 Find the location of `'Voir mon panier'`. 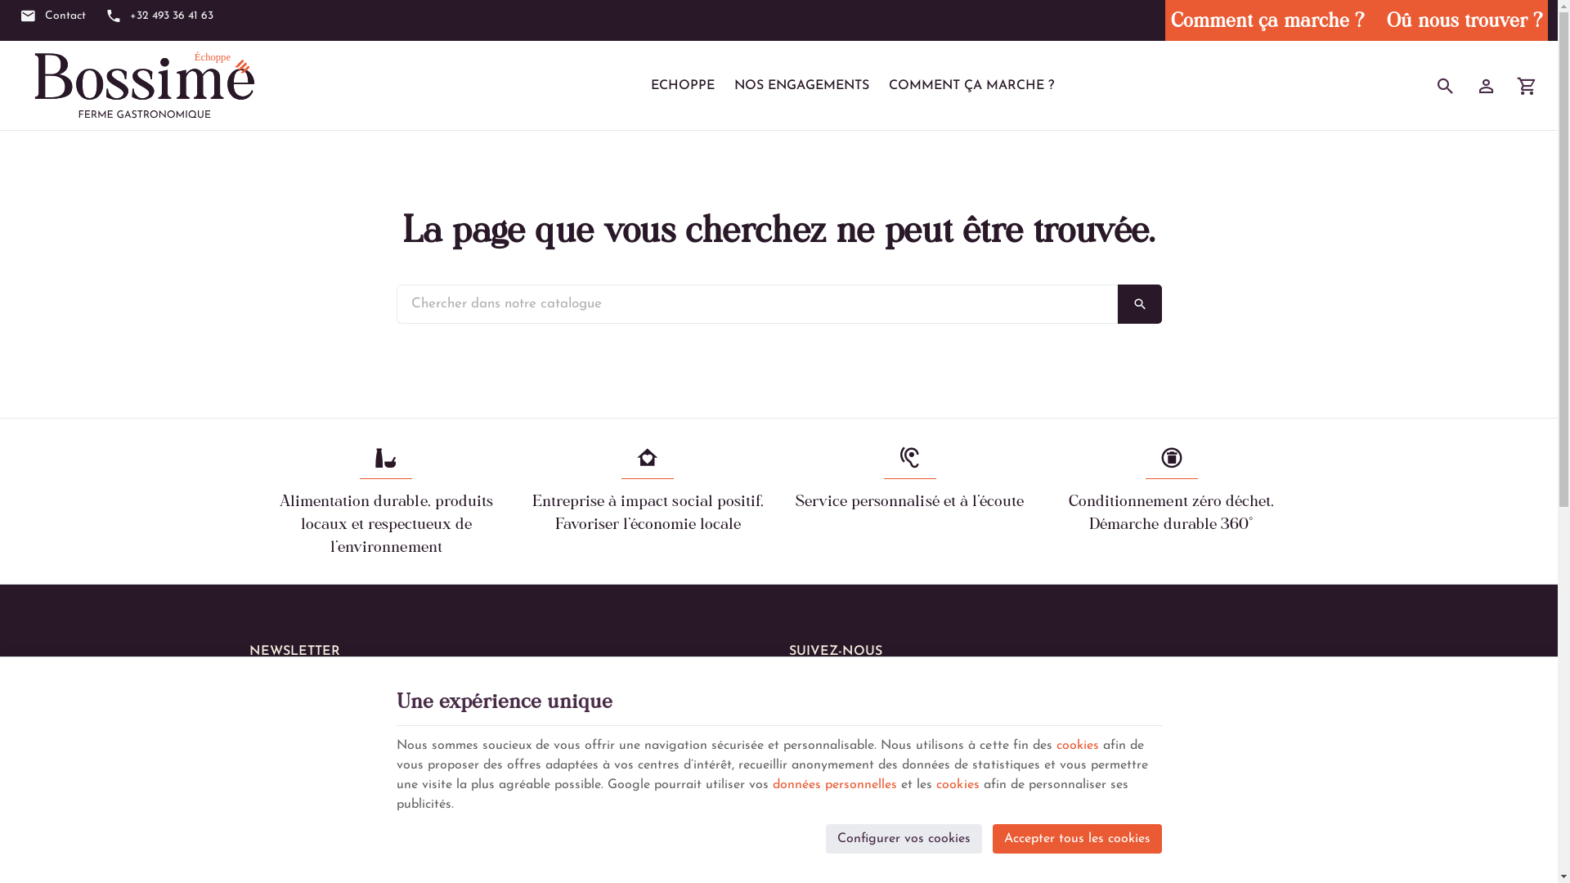

'Voir mon panier' is located at coordinates (1526, 85).